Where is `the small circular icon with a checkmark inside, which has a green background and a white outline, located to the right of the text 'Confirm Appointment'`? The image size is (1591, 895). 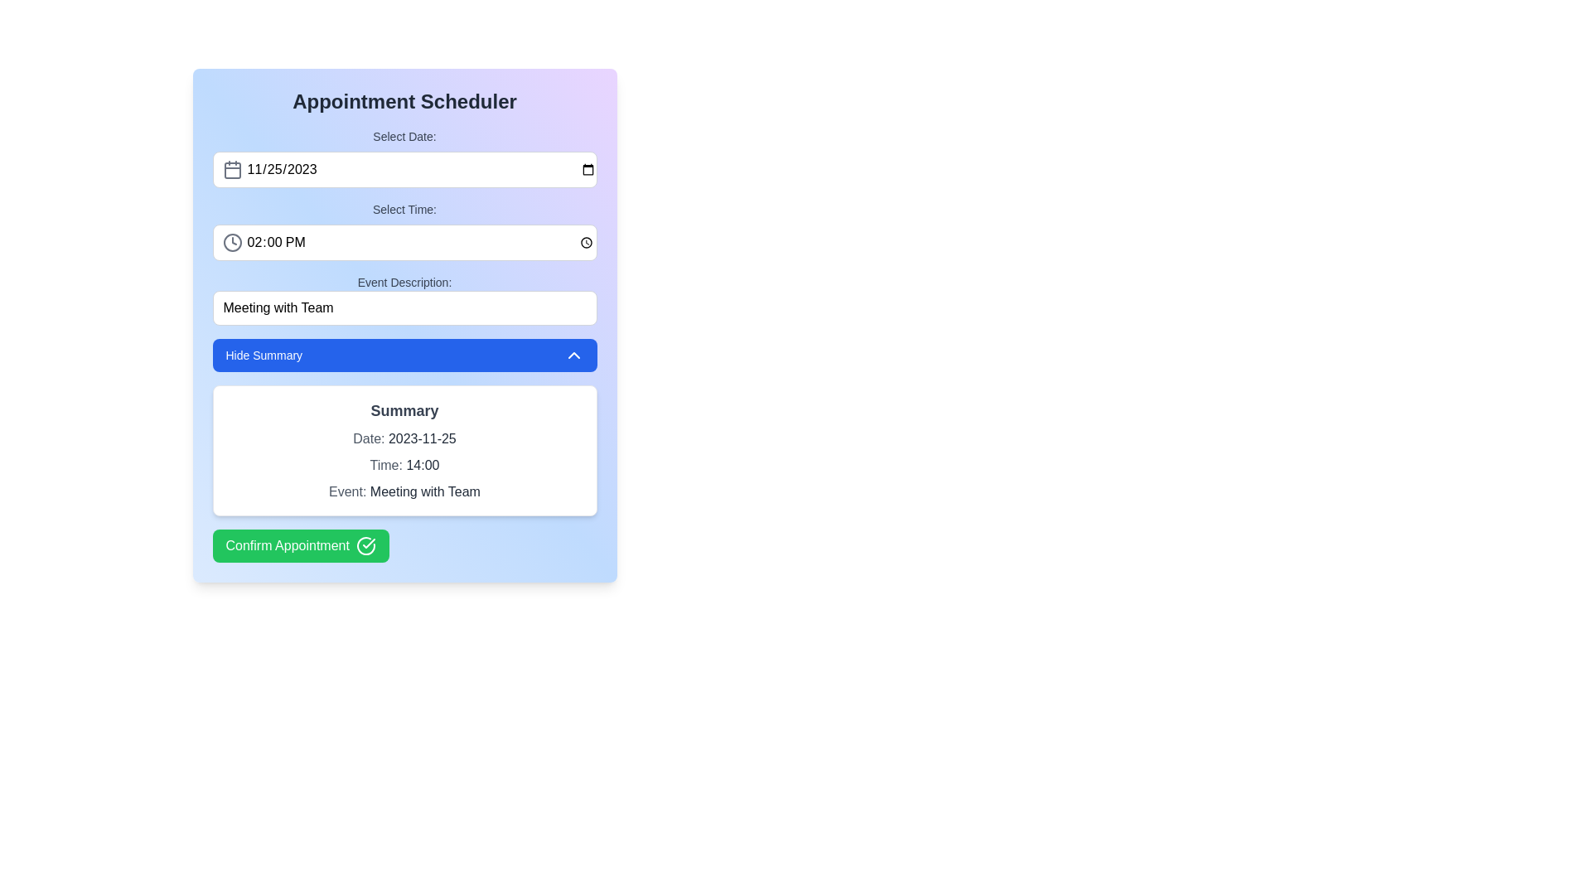
the small circular icon with a checkmark inside, which has a green background and a white outline, located to the right of the text 'Confirm Appointment' is located at coordinates (365, 546).